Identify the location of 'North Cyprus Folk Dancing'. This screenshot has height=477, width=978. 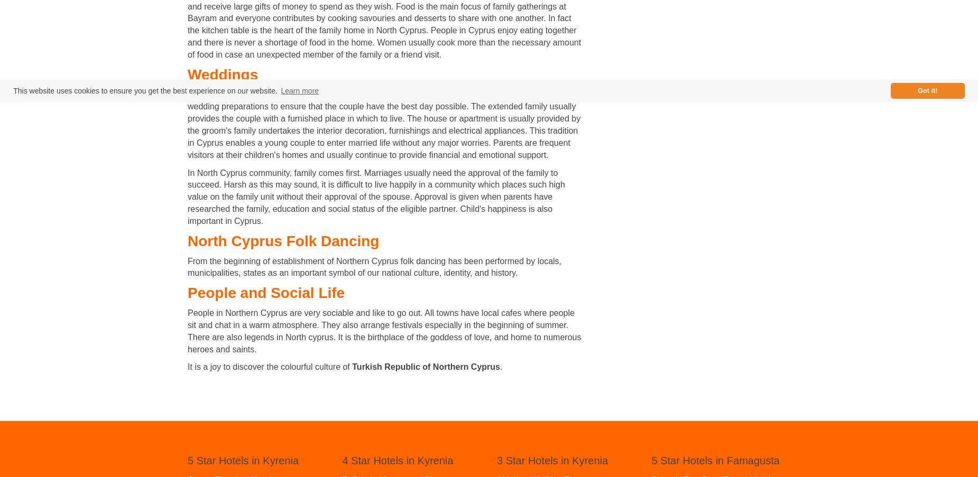
(283, 240).